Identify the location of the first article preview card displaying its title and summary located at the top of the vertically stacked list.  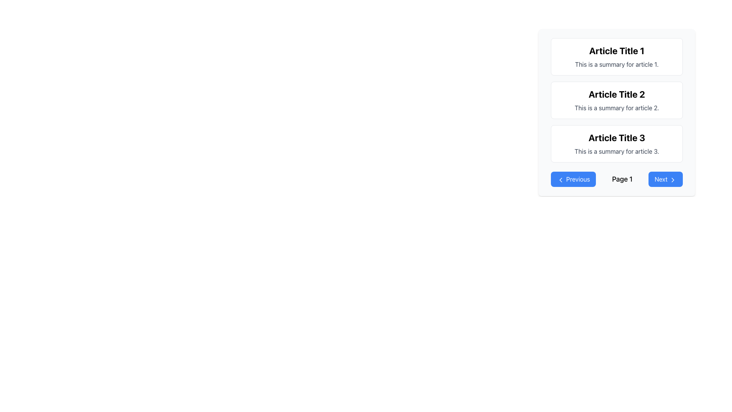
(616, 56).